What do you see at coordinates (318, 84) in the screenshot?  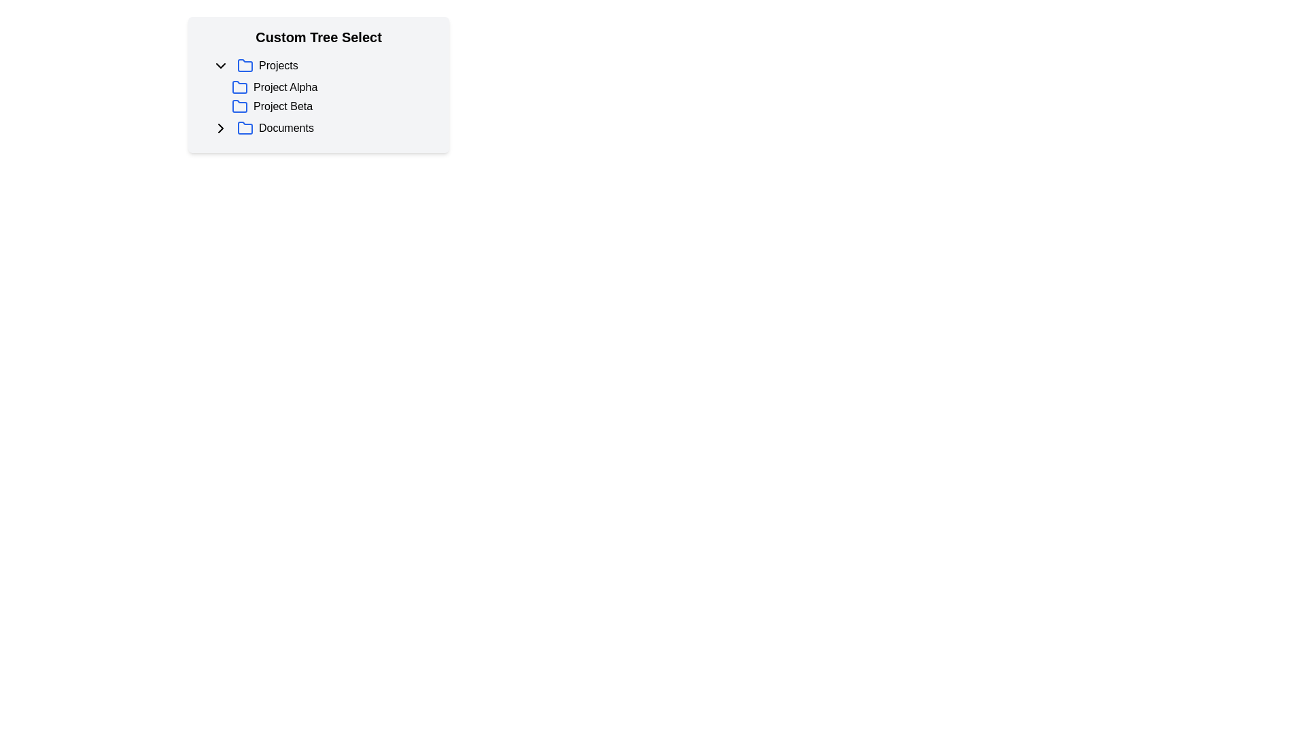 I see `the 'Custom Tree Select' hierarchical list` at bounding box center [318, 84].